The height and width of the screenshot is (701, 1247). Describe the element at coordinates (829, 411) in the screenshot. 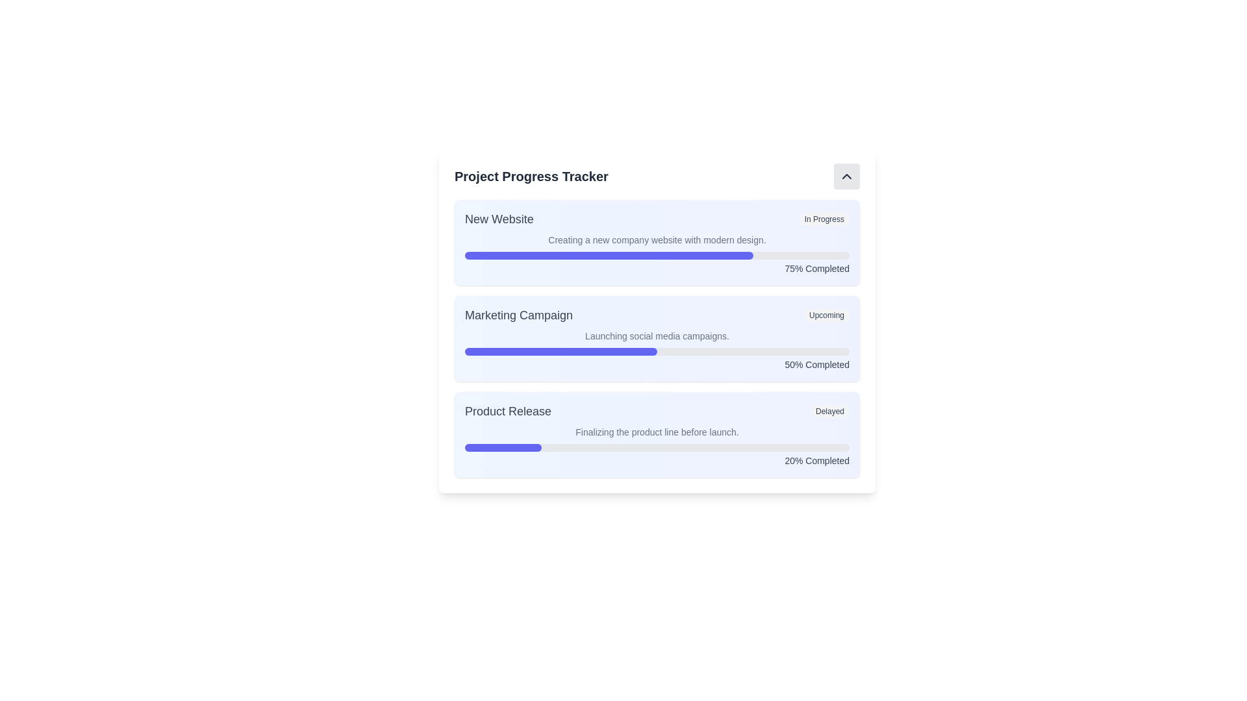

I see `the rounded gray label with the text 'Delayed' located at the right side of the 'Product Release' entry in the 'Project Progress Tracker' section` at that location.